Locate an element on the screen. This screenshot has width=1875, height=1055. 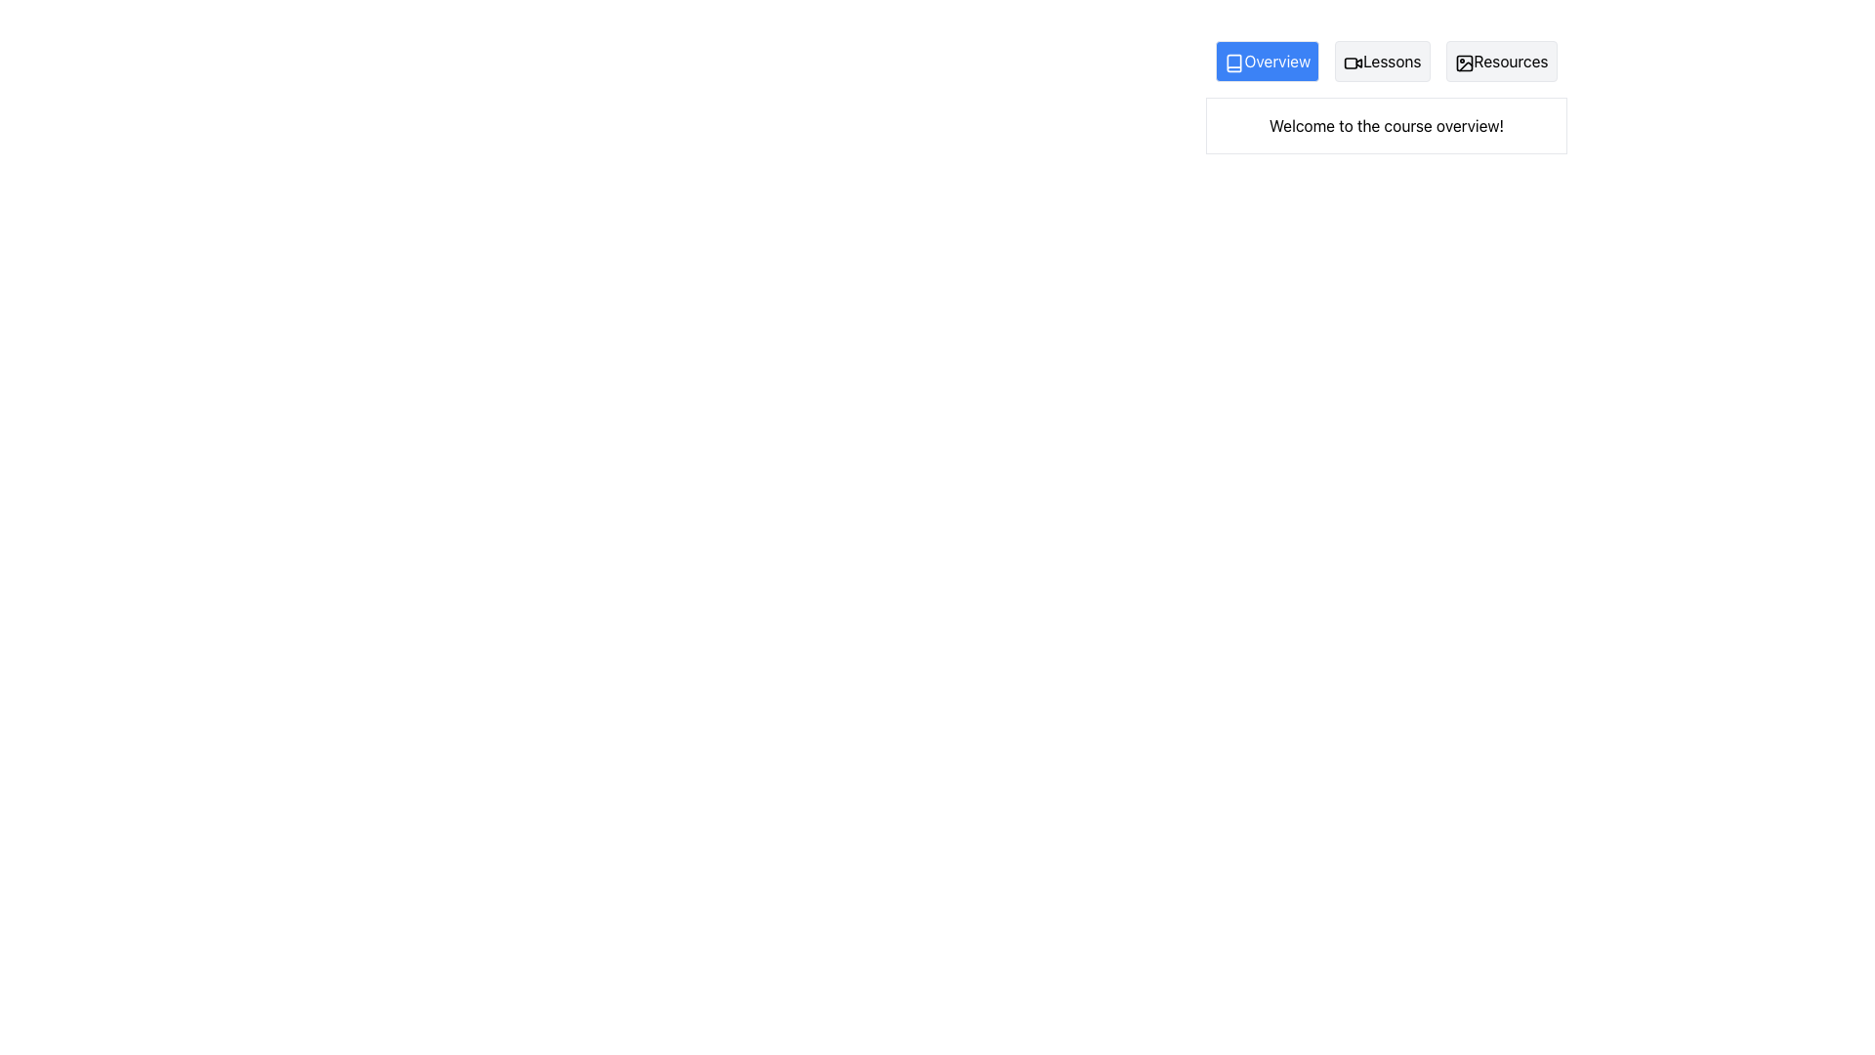
the 'Resources' button, which is a rectangular button with rounded corners and contains a photo frame icon and the text 'Resources' is located at coordinates (1500, 60).